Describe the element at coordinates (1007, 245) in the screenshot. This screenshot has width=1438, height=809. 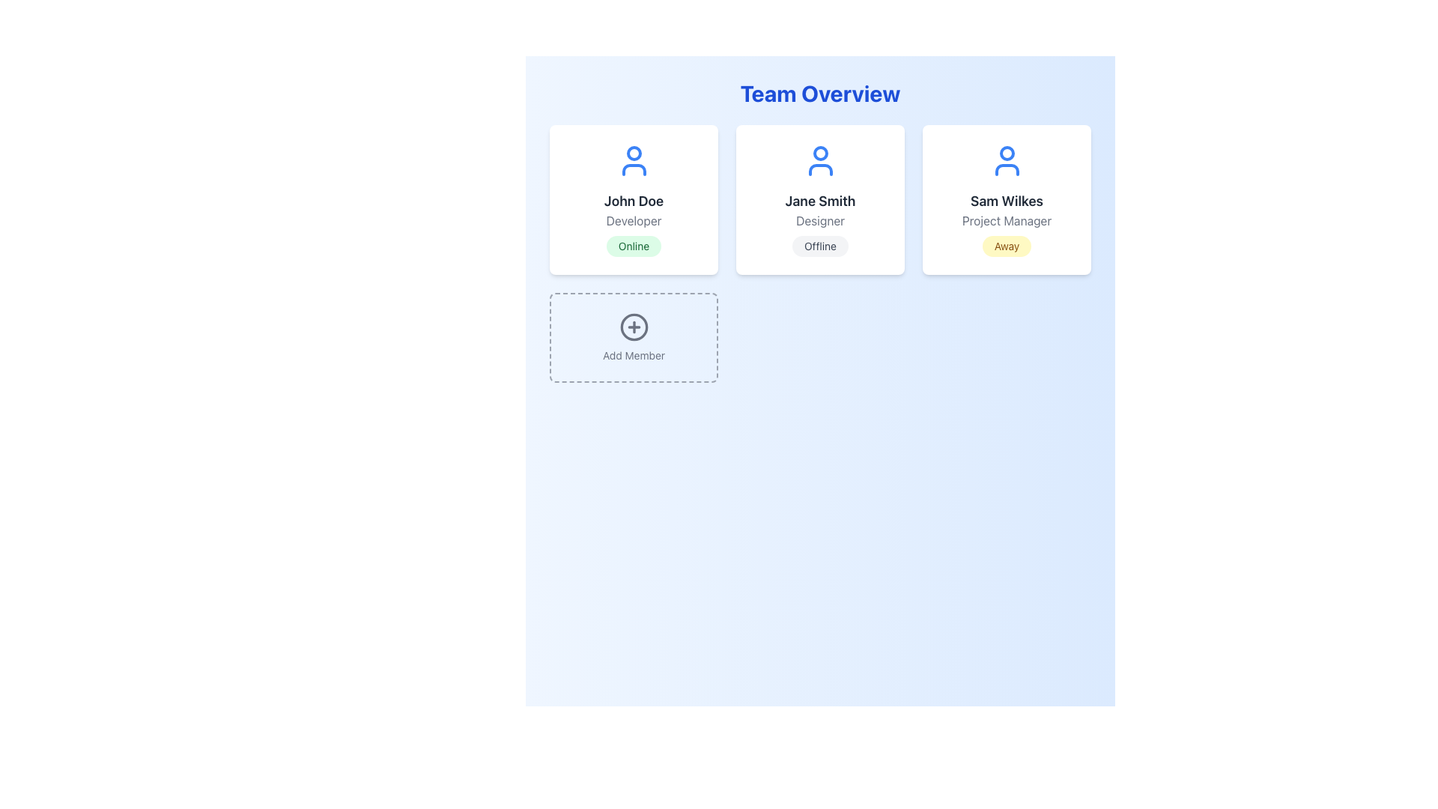
I see `the non-interactive badge labeled 'Away' with a yellow background located at the bottom center of the card for 'Sam Wilkes', the Project Manager` at that location.